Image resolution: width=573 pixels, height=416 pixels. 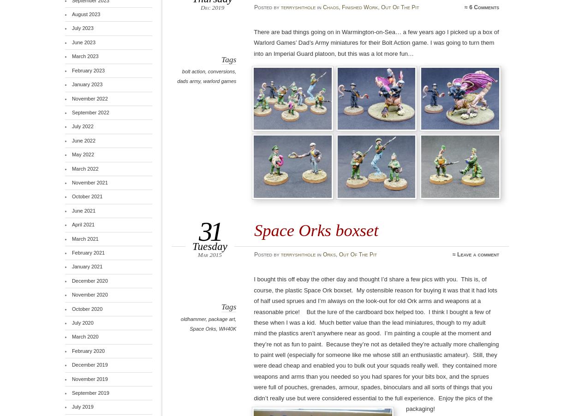 What do you see at coordinates (90, 112) in the screenshot?
I see `'September 2022'` at bounding box center [90, 112].